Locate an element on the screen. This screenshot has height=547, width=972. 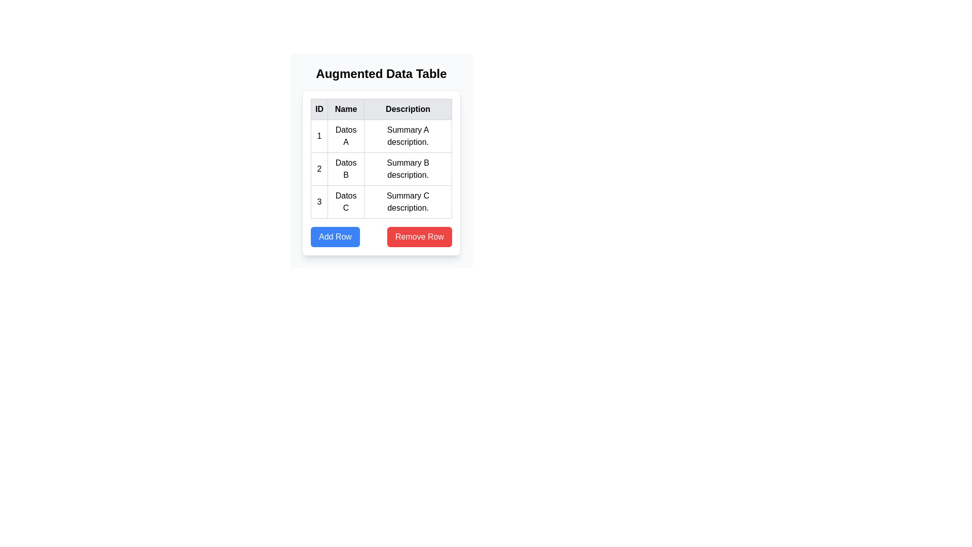
the 'Add Row' button is located at coordinates (335, 237).